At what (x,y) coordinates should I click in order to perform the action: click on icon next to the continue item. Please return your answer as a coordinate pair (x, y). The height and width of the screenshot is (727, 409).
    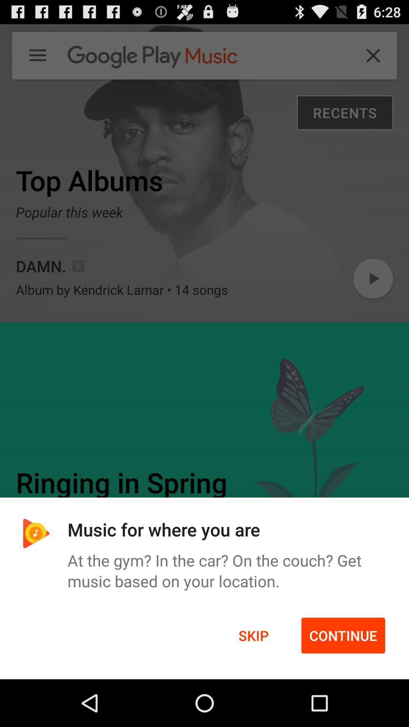
    Looking at the image, I should click on (253, 635).